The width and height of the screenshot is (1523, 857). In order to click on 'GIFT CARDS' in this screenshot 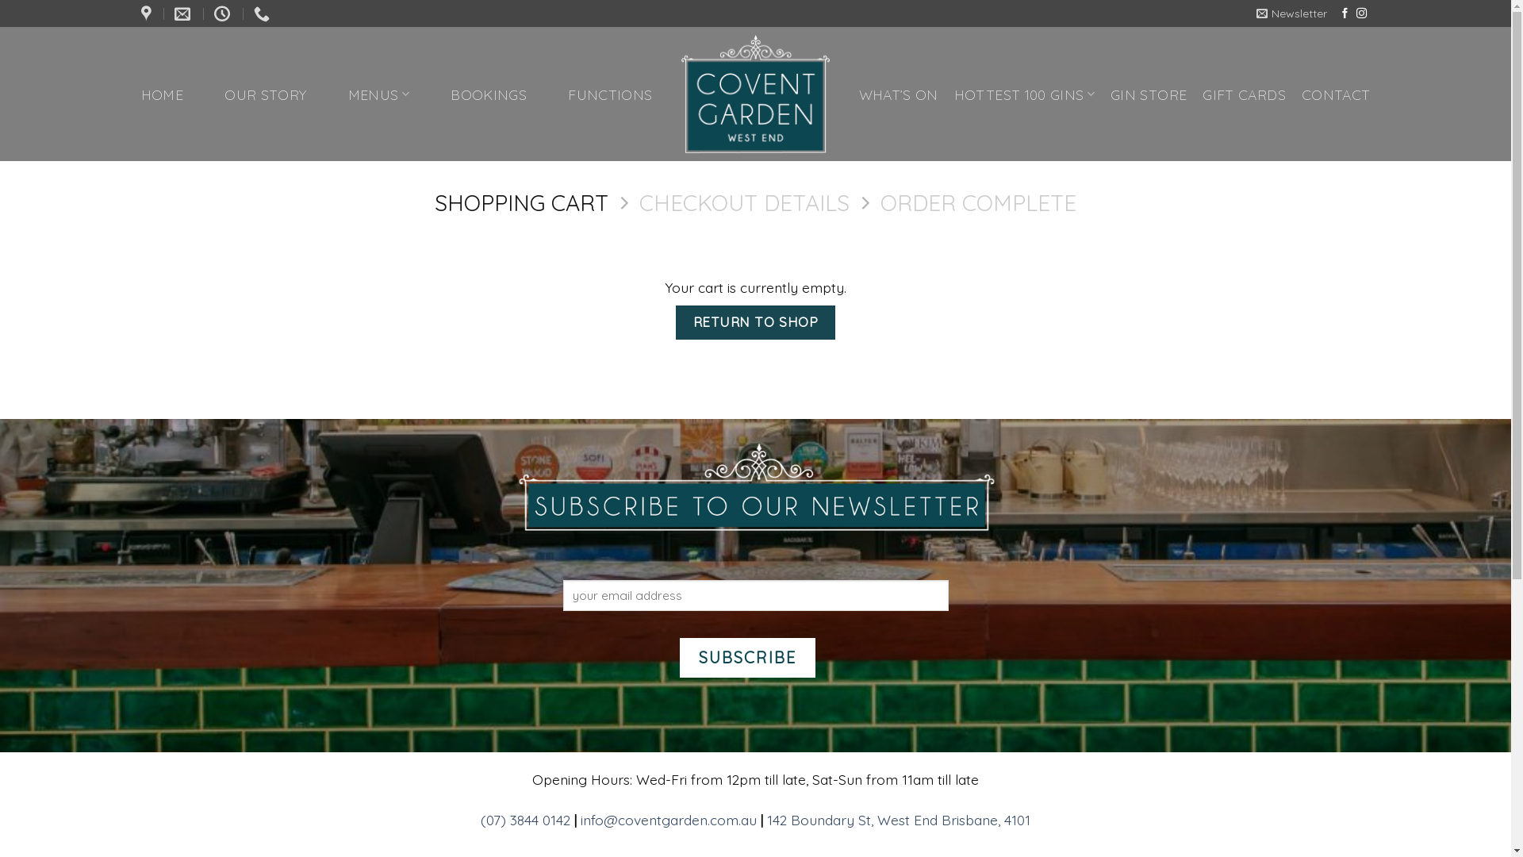, I will do `click(1243, 94)`.